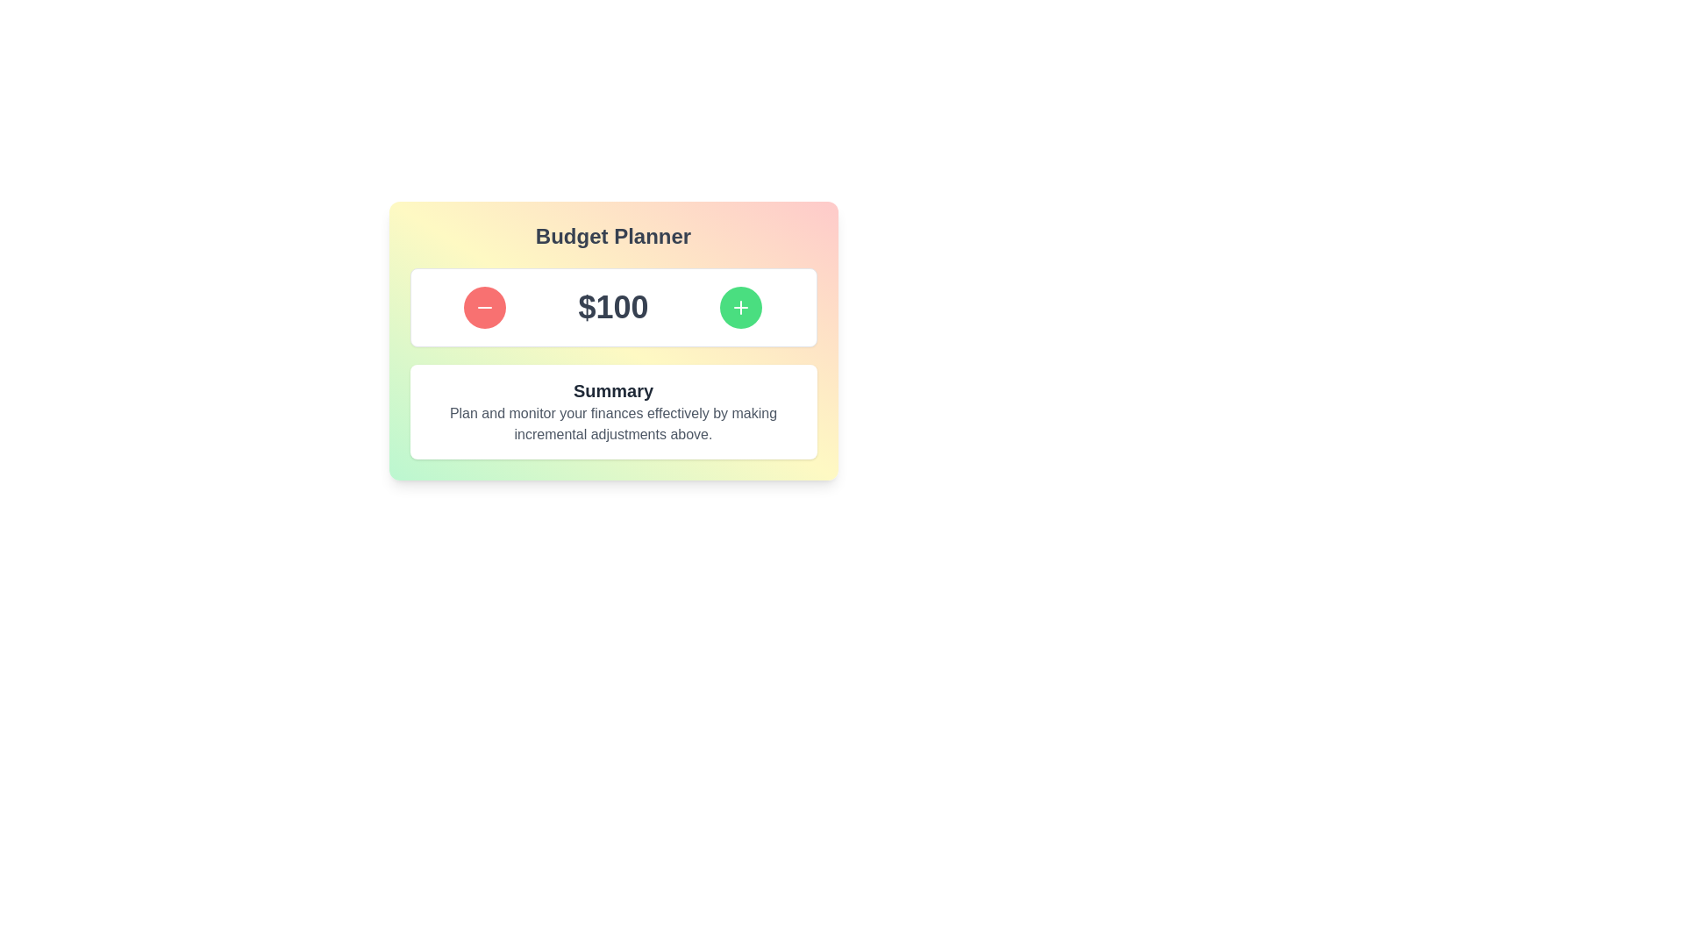 The height and width of the screenshot is (947, 1684). Describe the element at coordinates (613, 412) in the screenshot. I see `the Informational card that explains the budgeting tool, located centrally below the '$100' balance display in the 'Budget Planner' card` at that location.